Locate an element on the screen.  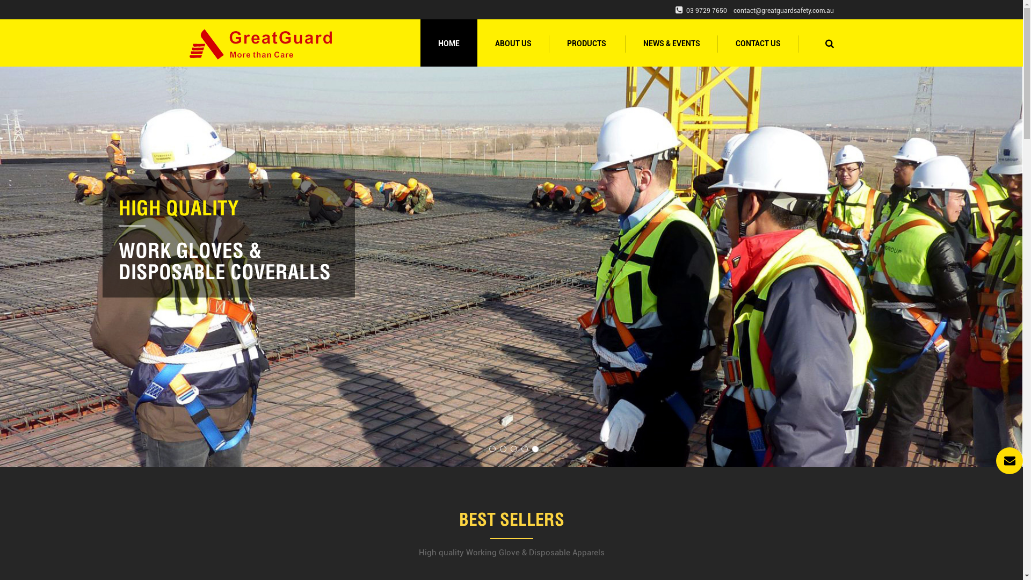
'PRODUCTS' is located at coordinates (586, 42).